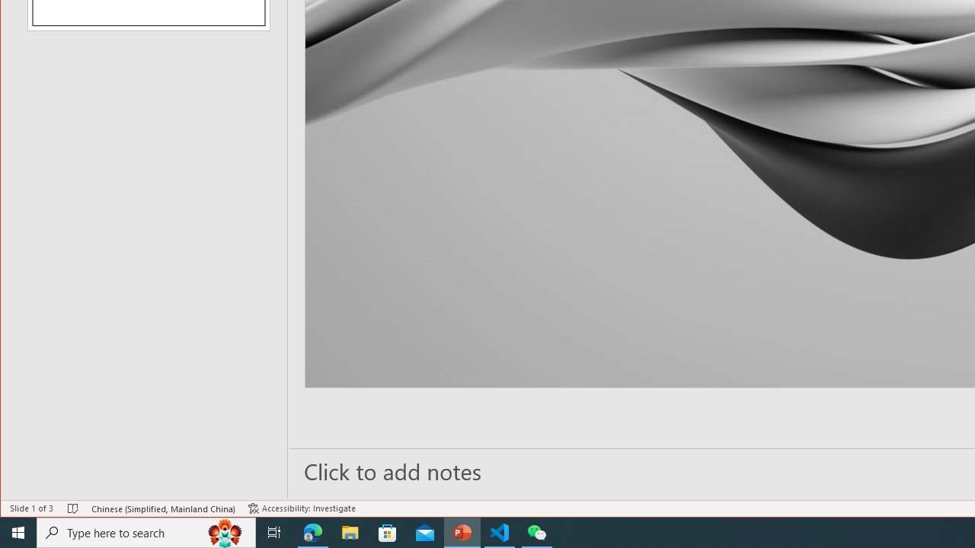  What do you see at coordinates (302, 508) in the screenshot?
I see `'Accessibility Checker Accessibility: Investigate'` at bounding box center [302, 508].